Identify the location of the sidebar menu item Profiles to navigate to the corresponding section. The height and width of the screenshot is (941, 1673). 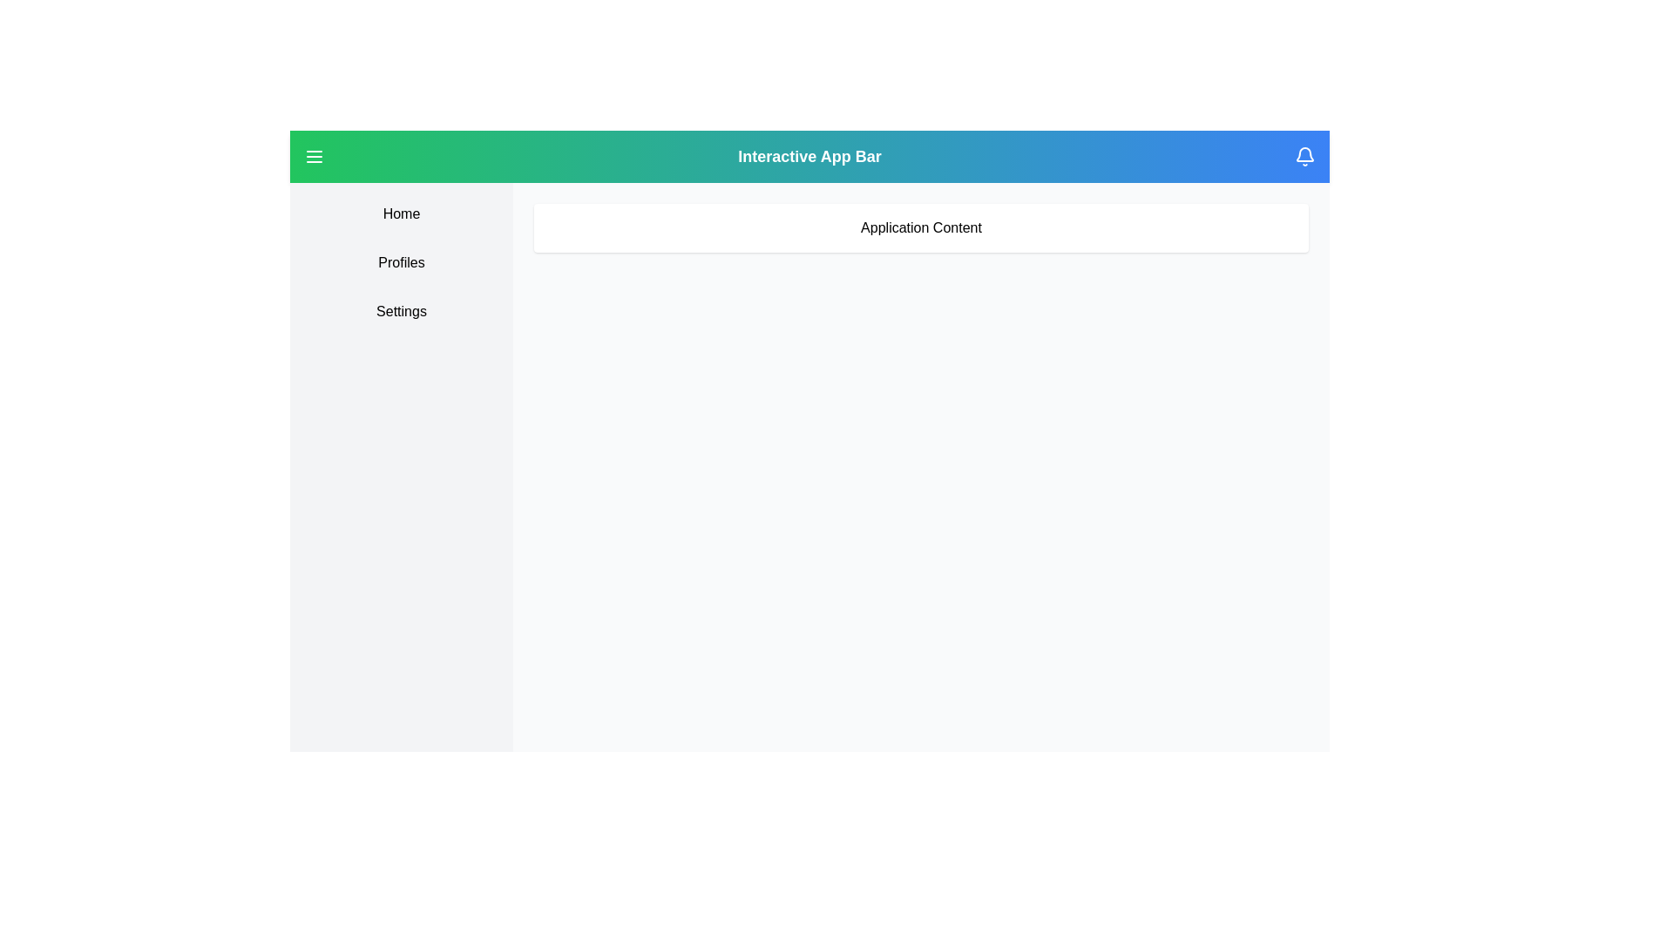
(400, 262).